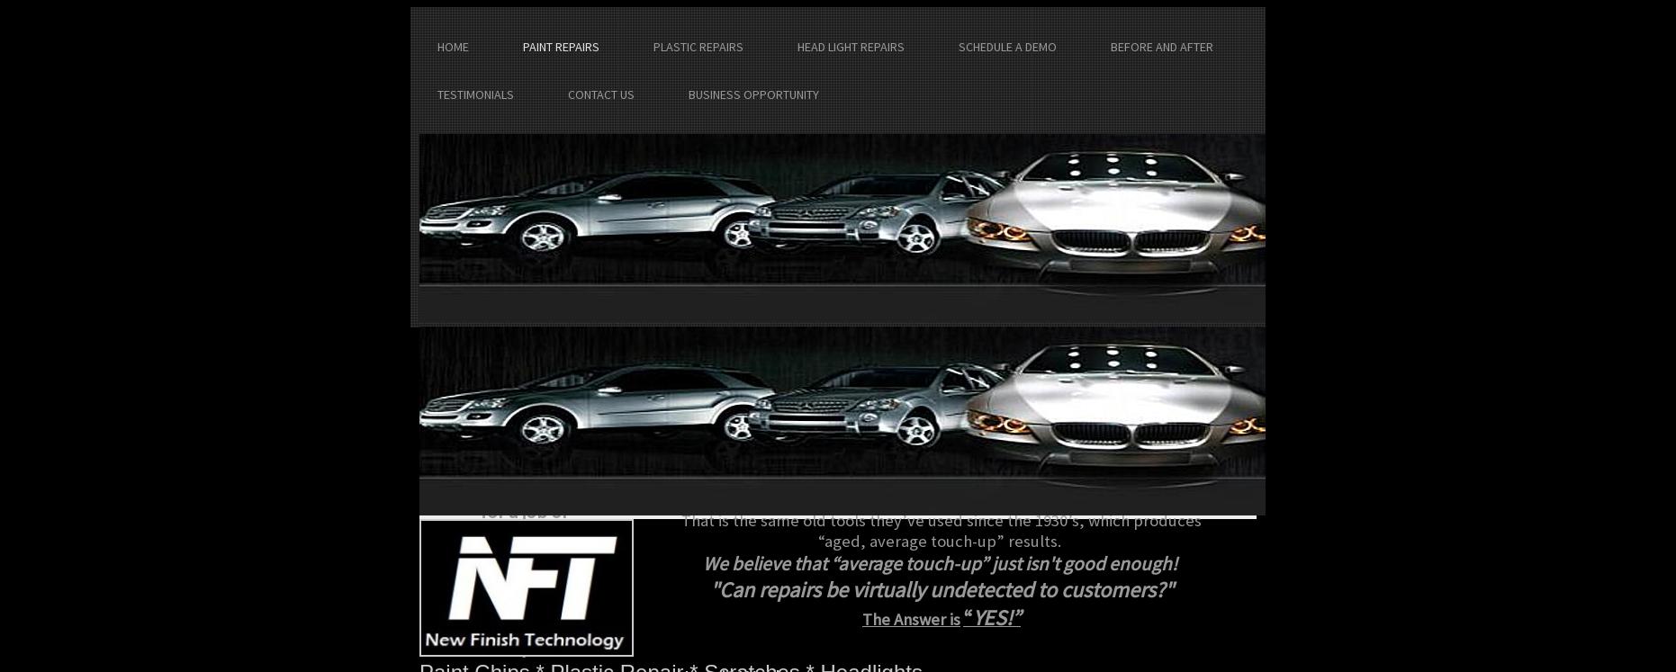 This screenshot has height=672, width=1676. I want to click on 'Email:', so click(452, 434).